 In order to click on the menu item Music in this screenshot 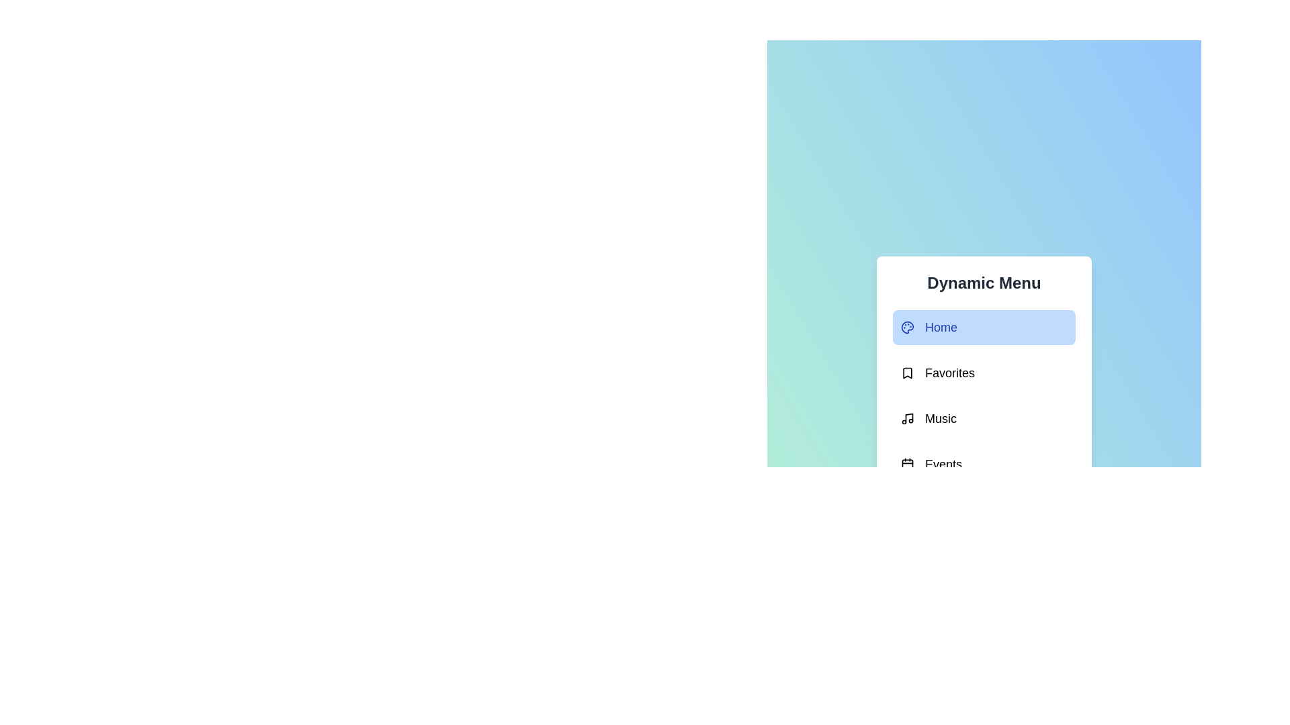, I will do `click(984, 418)`.